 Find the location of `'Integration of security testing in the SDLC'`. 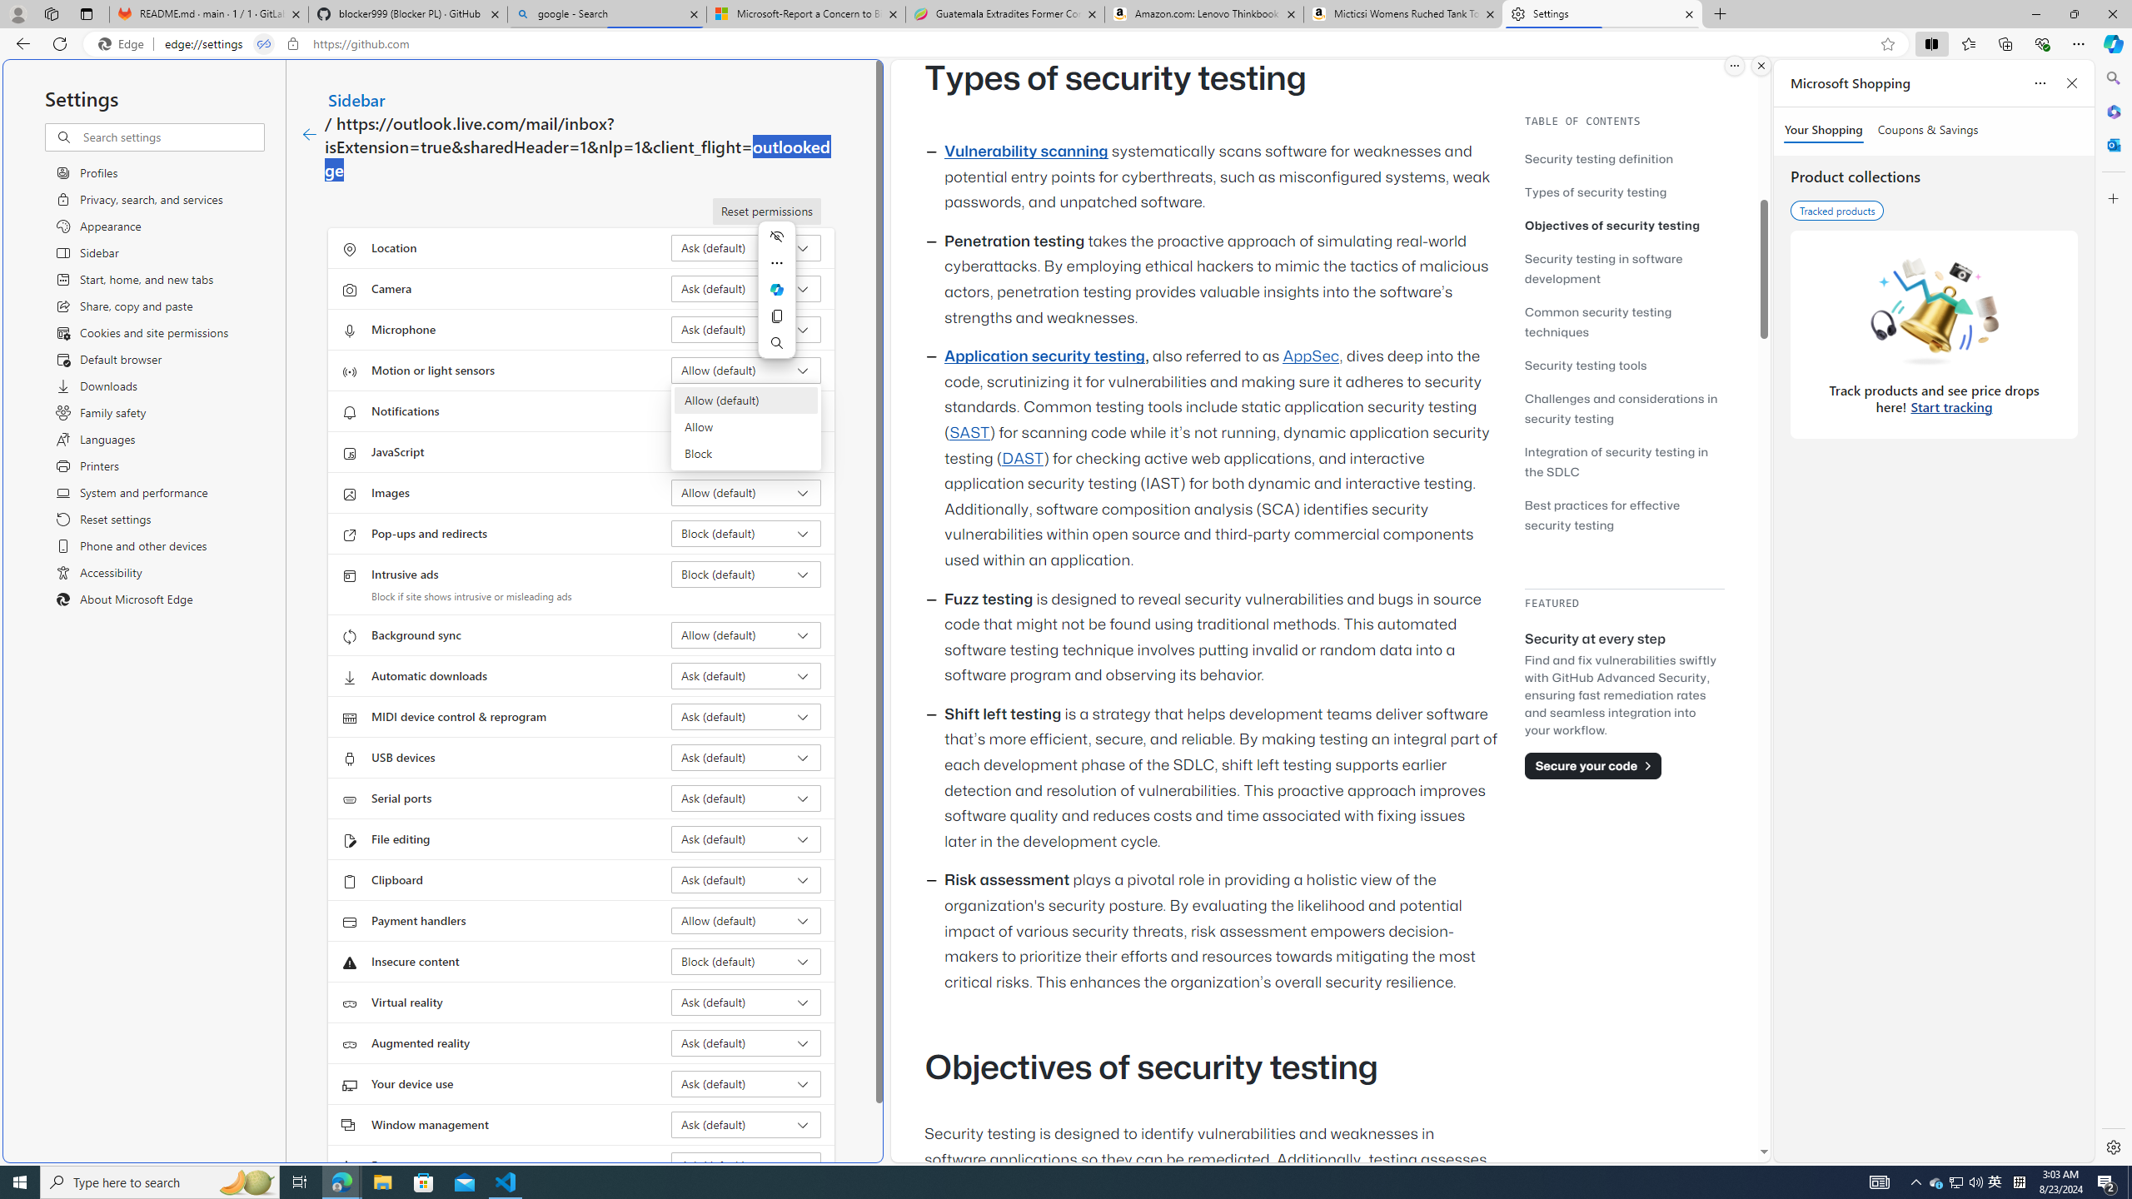

'Integration of security testing in the SDLC' is located at coordinates (1616, 461).